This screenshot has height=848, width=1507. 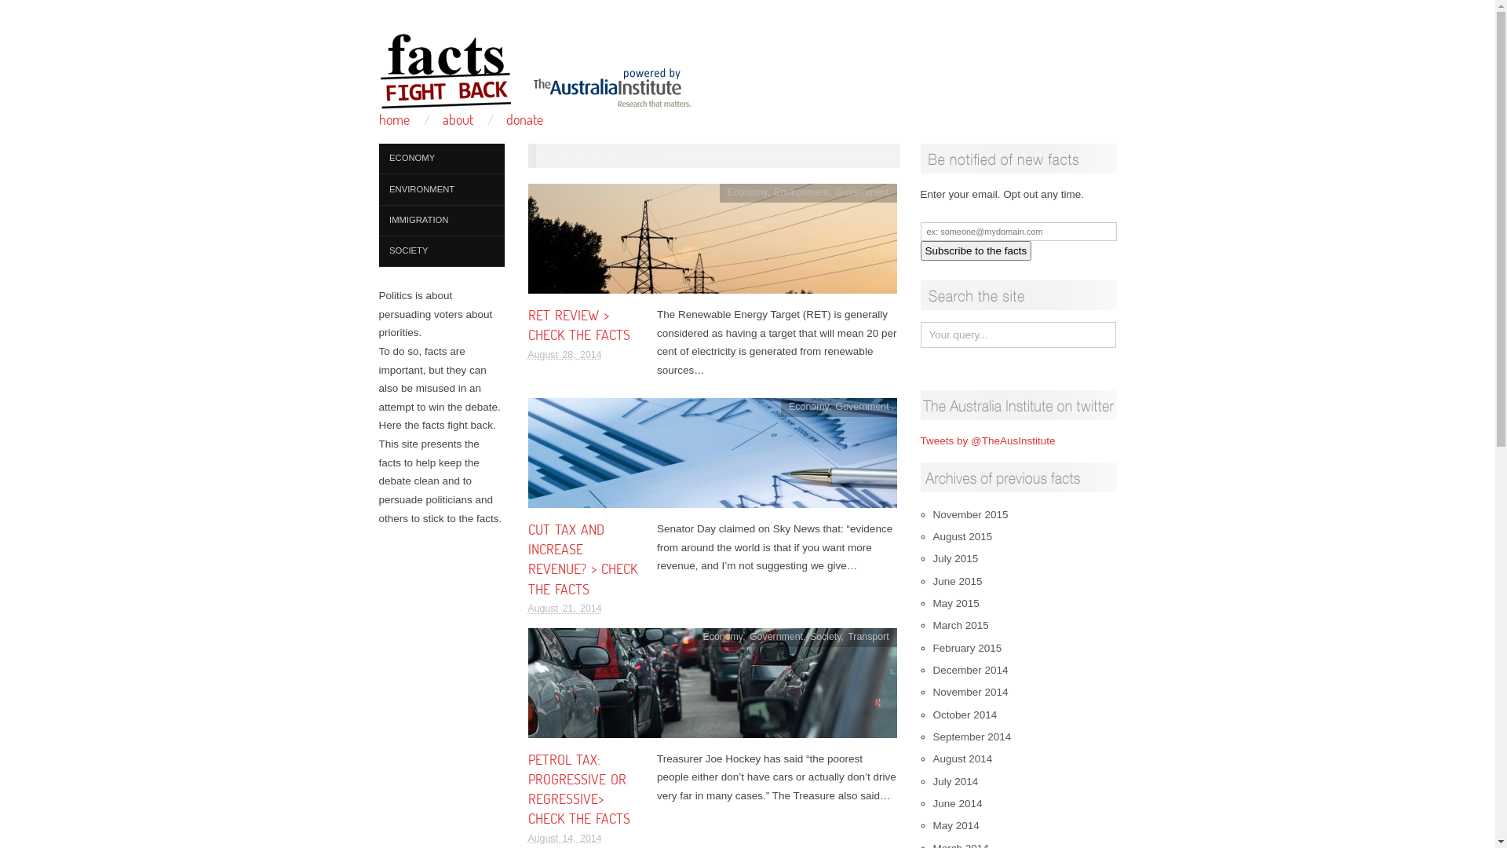 What do you see at coordinates (954, 602) in the screenshot?
I see `'May 2015'` at bounding box center [954, 602].